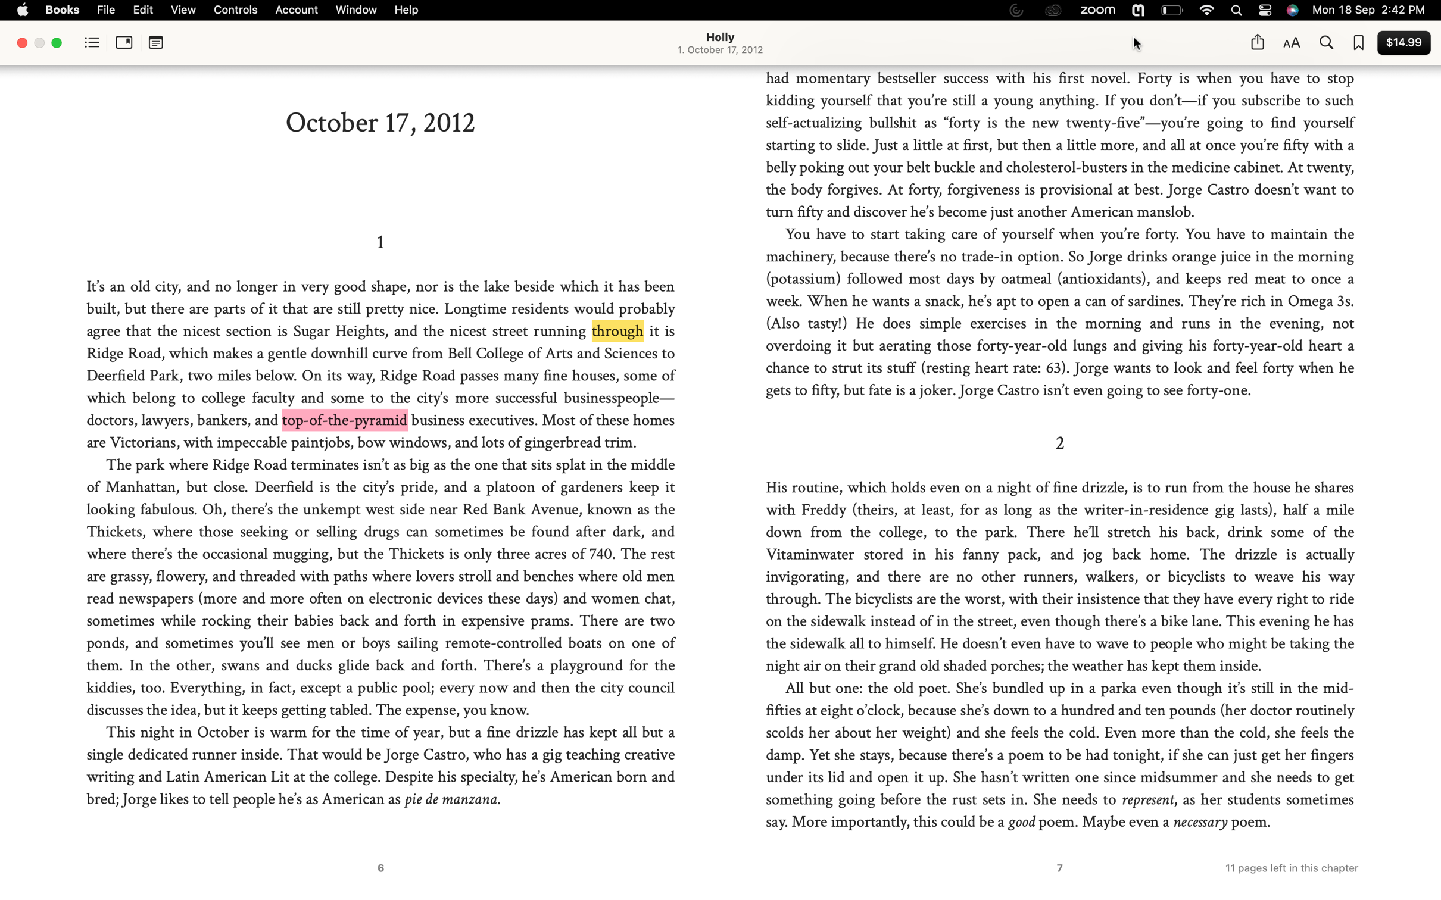 This screenshot has width=1441, height=900. I want to click on Search for occurrences of "handsome" in the entire book, so click(1325, 43).